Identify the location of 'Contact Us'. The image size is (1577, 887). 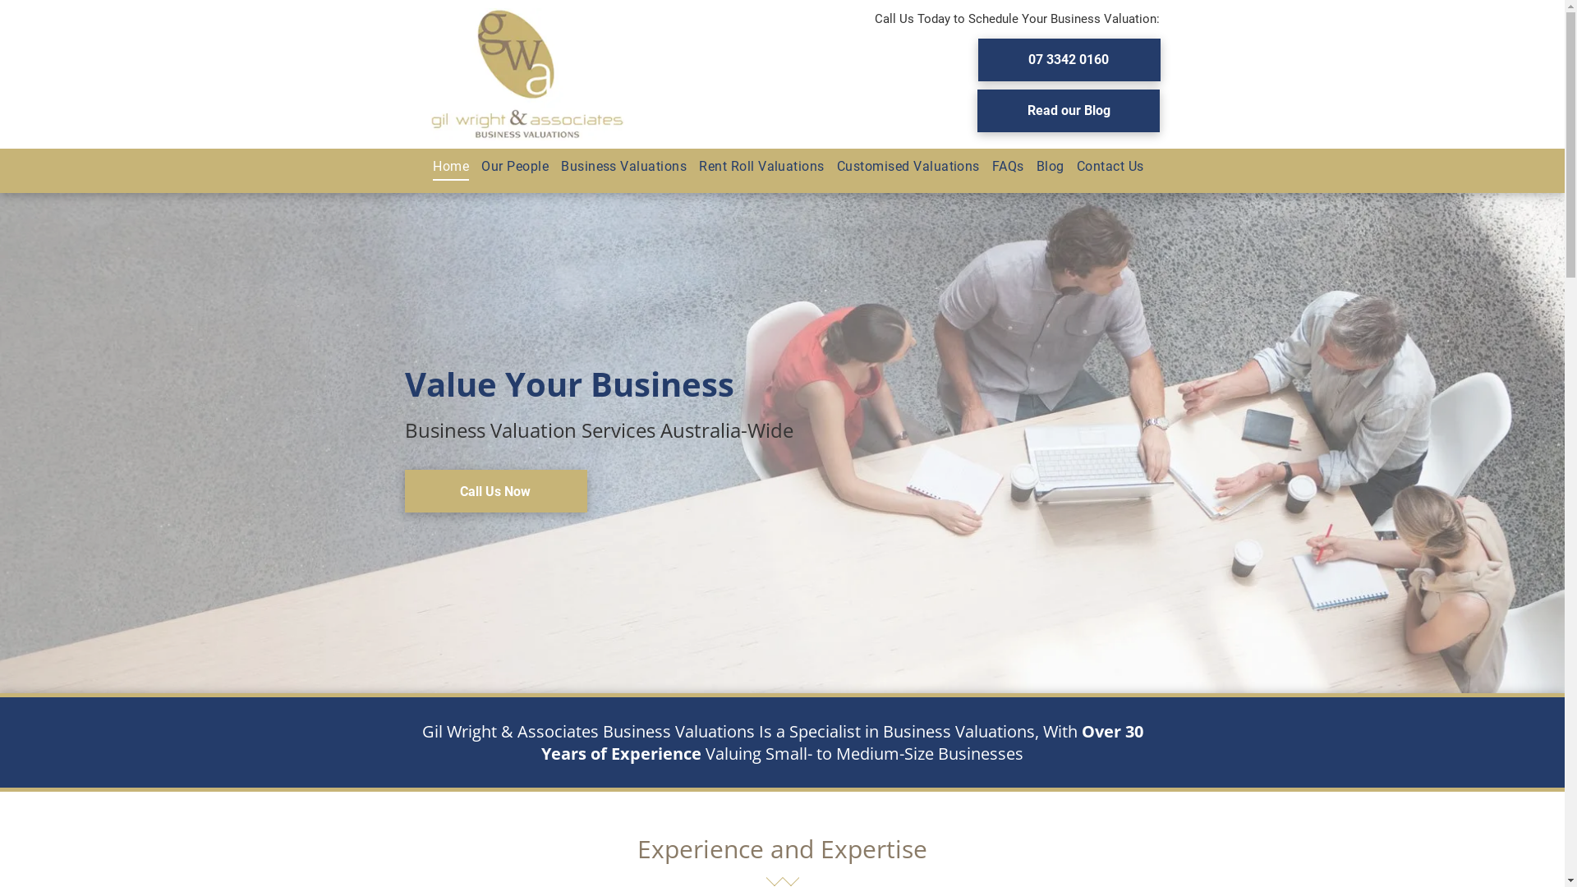
(1104, 167).